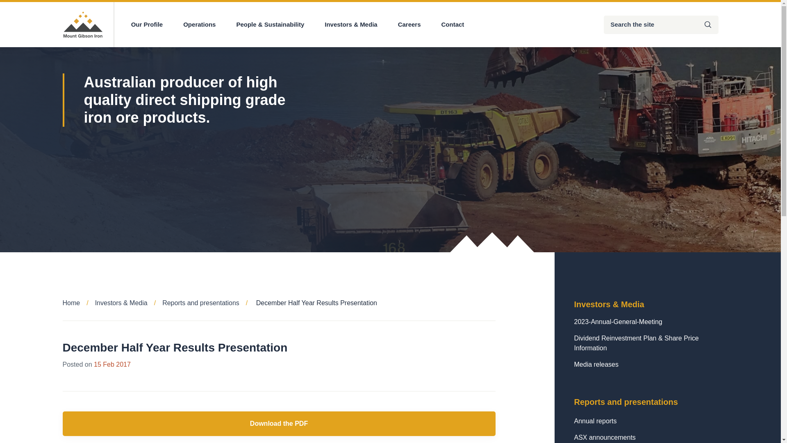 This screenshot has height=443, width=787. I want to click on 'People & Sustainability', so click(270, 24).